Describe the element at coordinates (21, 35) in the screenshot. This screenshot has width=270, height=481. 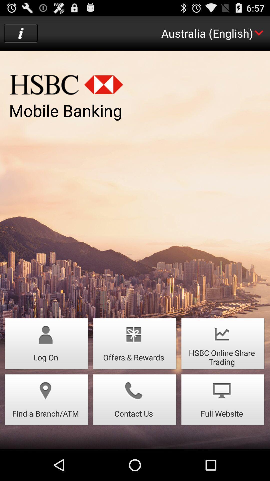
I see `the info icon` at that location.